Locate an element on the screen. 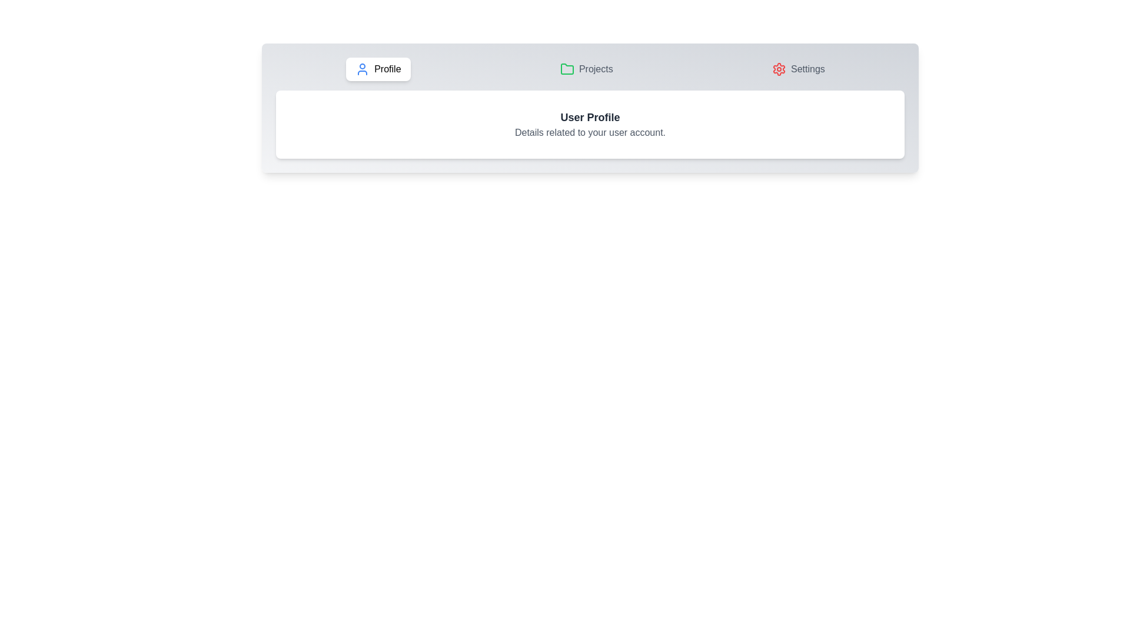 The width and height of the screenshot is (1130, 635). the Profile tab by clicking on the corresponding tab button is located at coordinates (378, 69).